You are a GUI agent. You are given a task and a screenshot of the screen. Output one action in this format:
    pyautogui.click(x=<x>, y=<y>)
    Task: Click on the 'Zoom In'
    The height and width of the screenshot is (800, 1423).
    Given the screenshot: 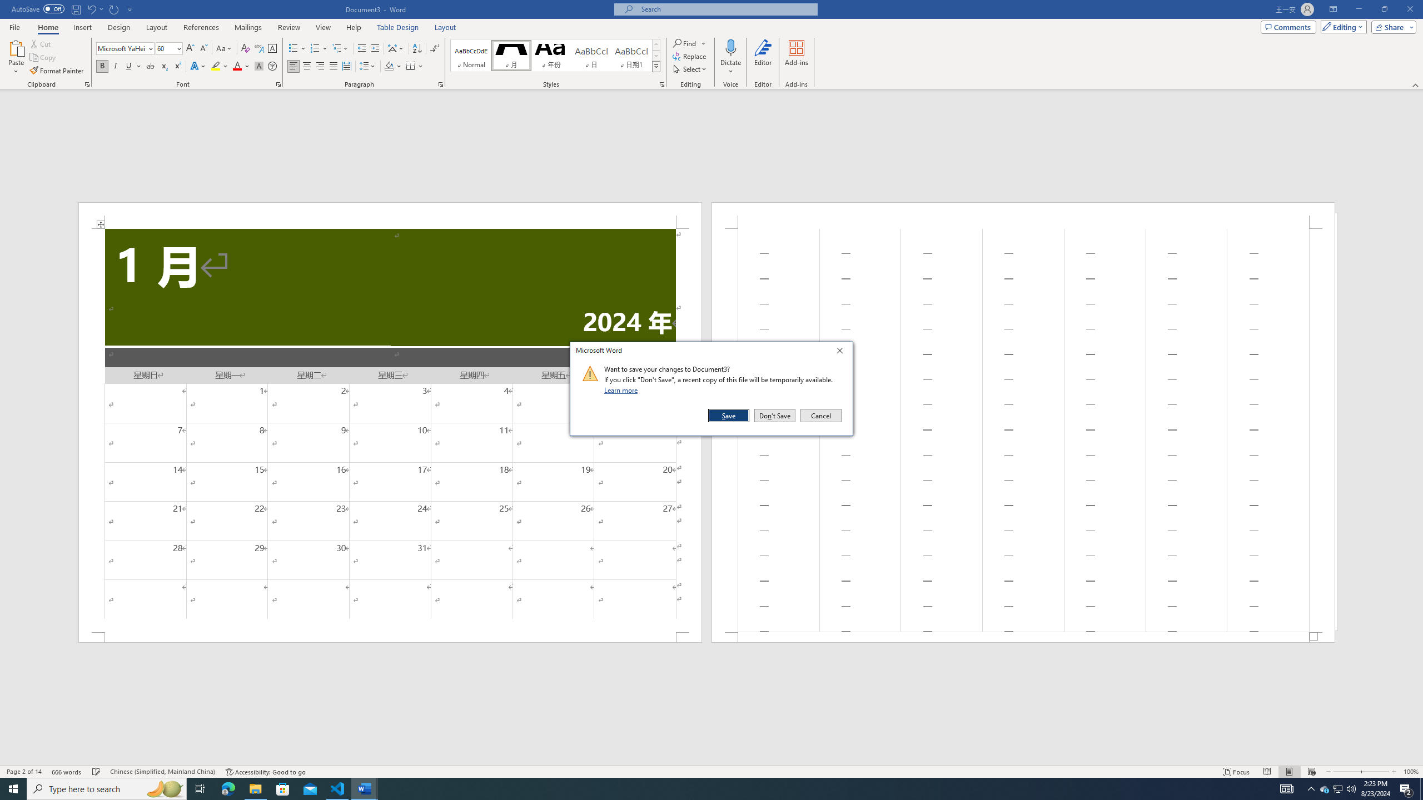 What is the action you would take?
    pyautogui.click(x=1375, y=772)
    